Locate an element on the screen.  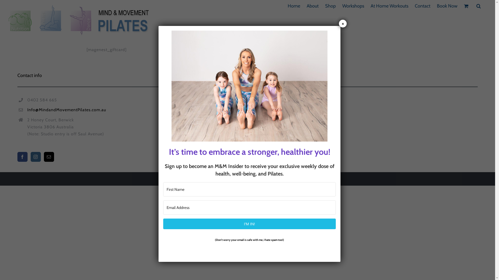
'Search' is located at coordinates (478, 6).